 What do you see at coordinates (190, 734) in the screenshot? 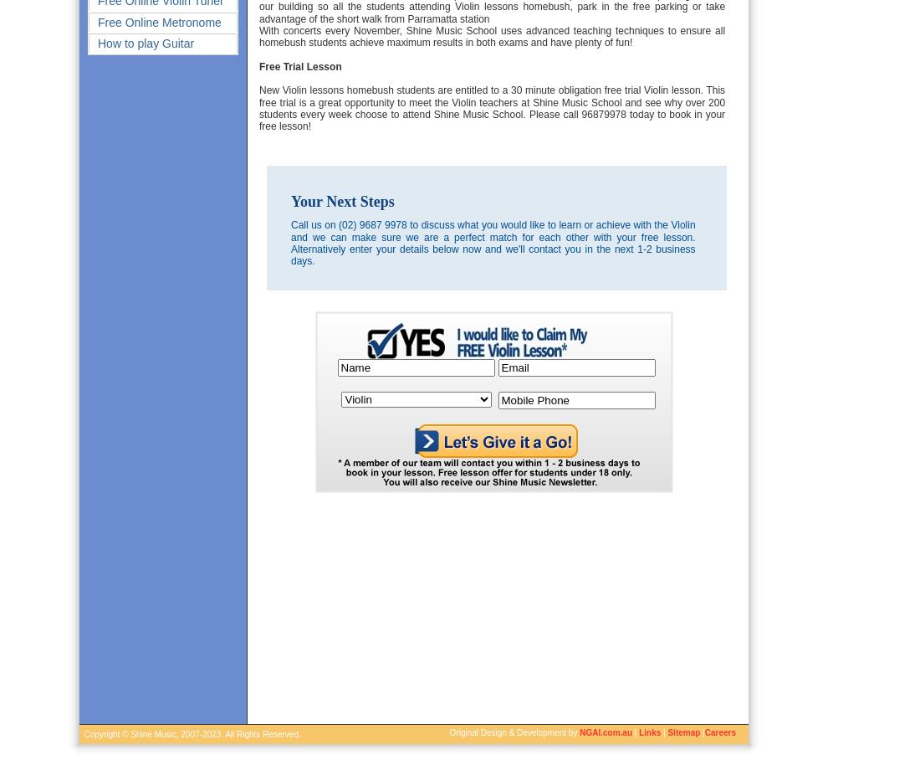
I see `'Copyright © Shine Music, 2007-2023. All Rights Reserved.'` at bounding box center [190, 734].